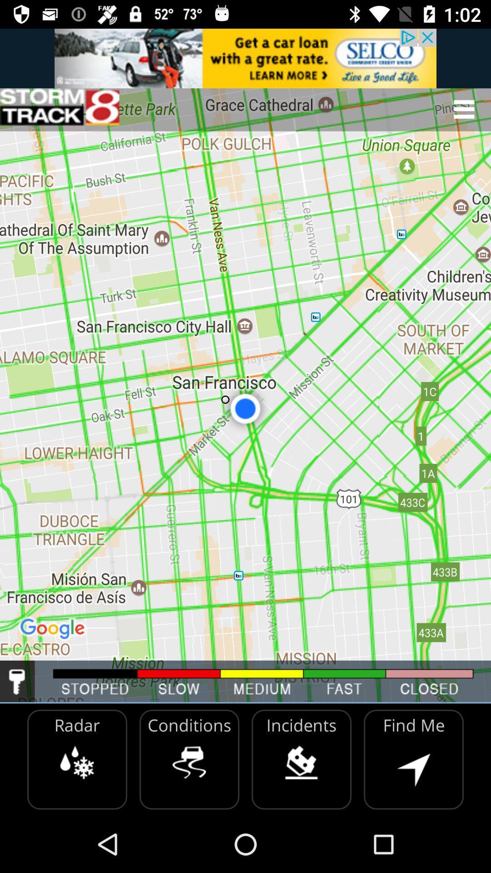 Image resolution: width=491 pixels, height=873 pixels. I want to click on the main storm track 8 screen, so click(60, 109).